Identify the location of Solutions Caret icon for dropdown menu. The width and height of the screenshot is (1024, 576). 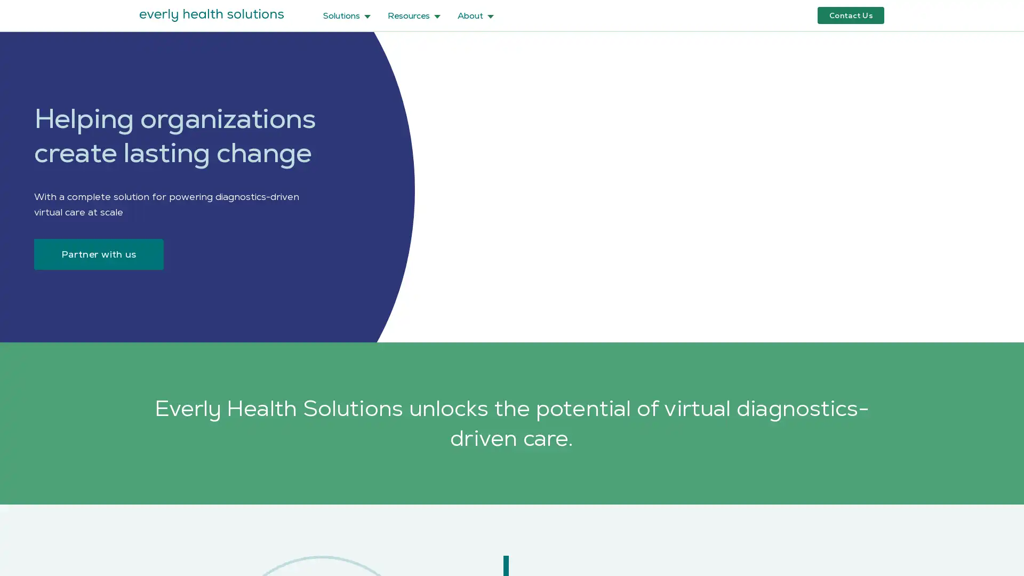
(347, 15).